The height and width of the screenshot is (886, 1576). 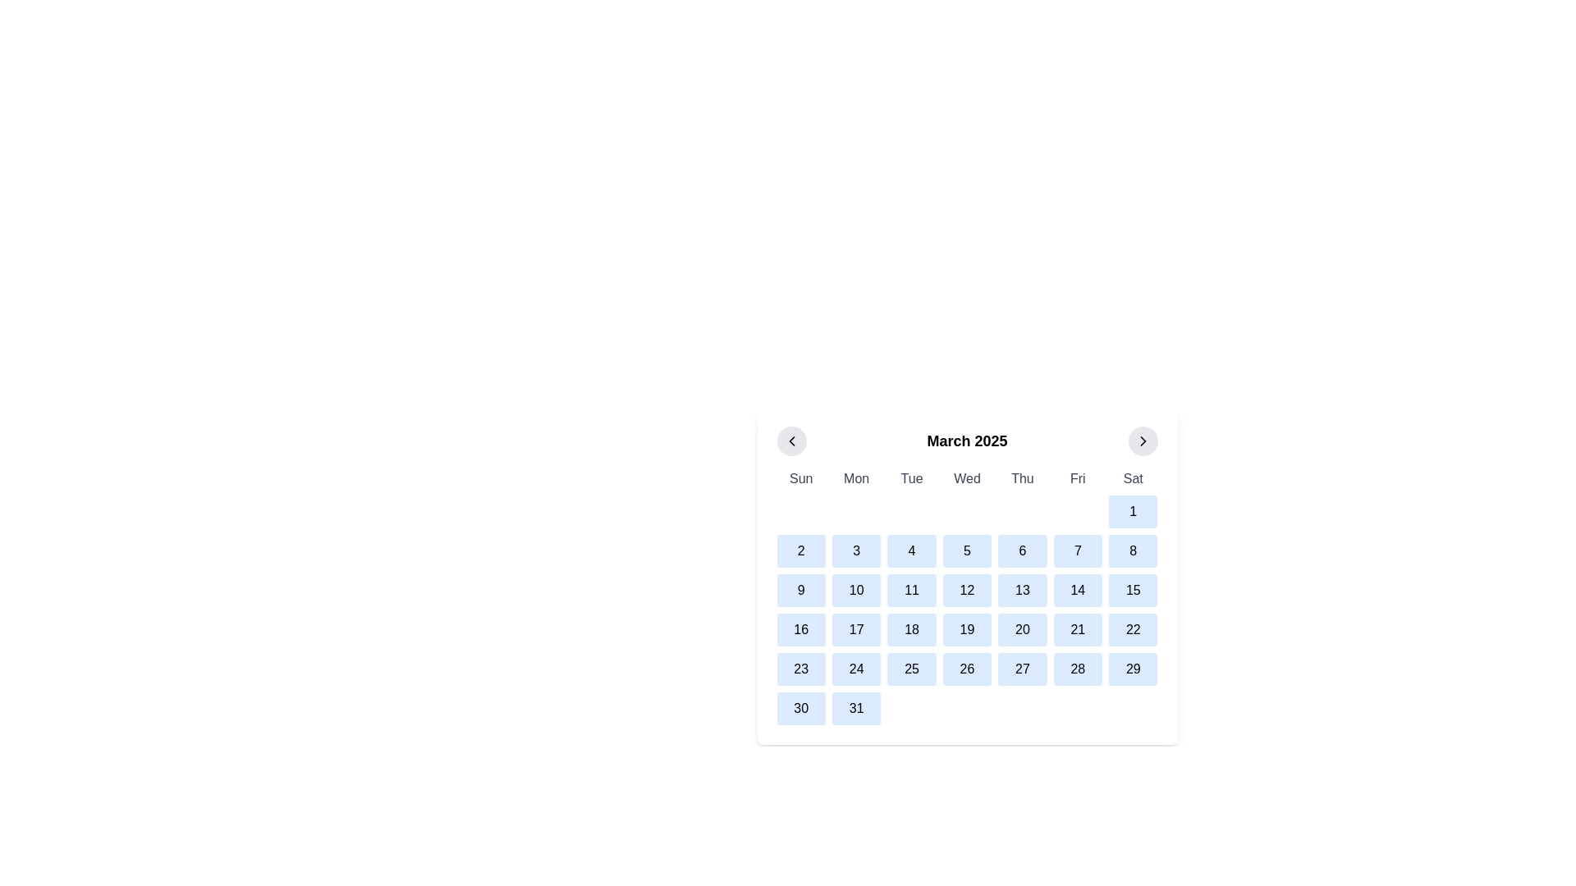 What do you see at coordinates (967, 550) in the screenshot?
I see `the calendar button representing the date '5' under 'Wed'` at bounding box center [967, 550].